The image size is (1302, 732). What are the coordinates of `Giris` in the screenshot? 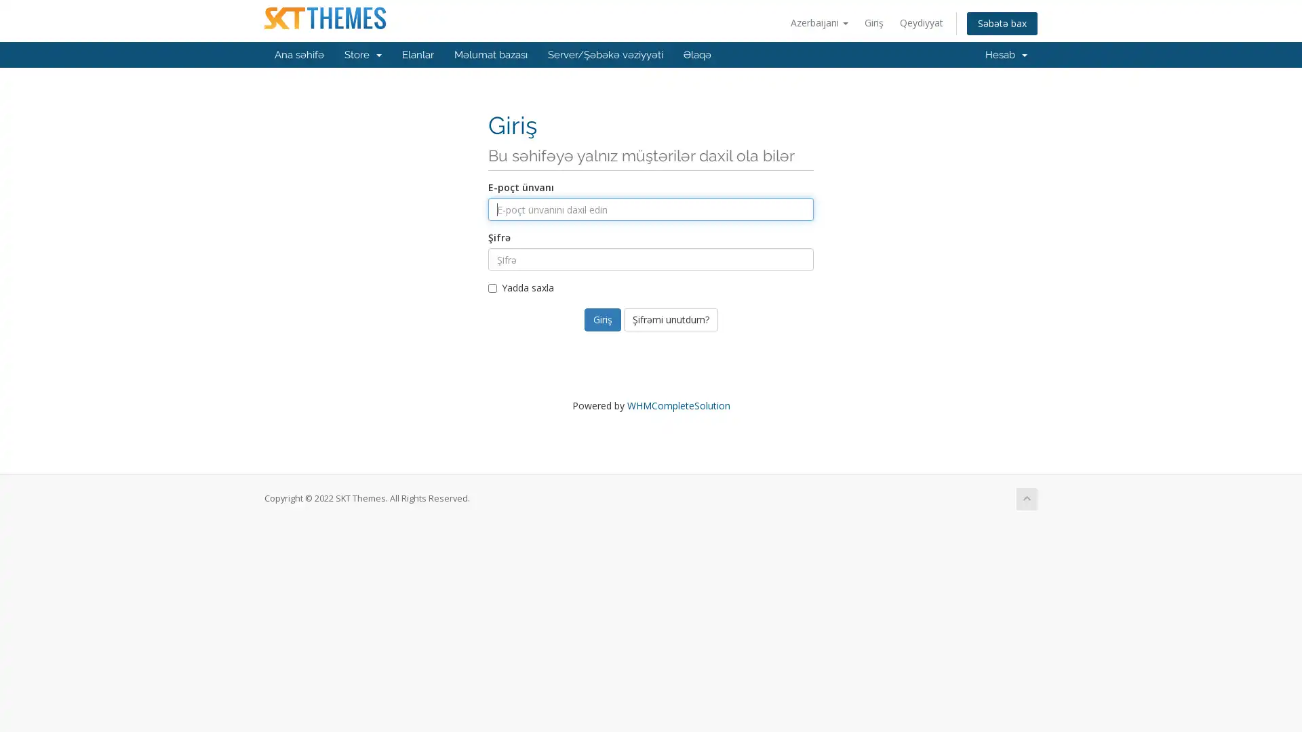 It's located at (601, 319).